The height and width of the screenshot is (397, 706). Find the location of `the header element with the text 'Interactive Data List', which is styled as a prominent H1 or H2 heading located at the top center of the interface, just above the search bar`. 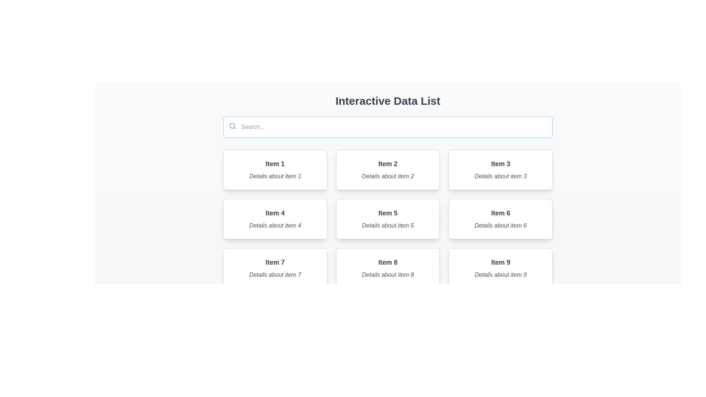

the header element with the text 'Interactive Data List', which is styled as a prominent H1 or H2 heading located at the top center of the interface, just above the search bar is located at coordinates (388, 101).